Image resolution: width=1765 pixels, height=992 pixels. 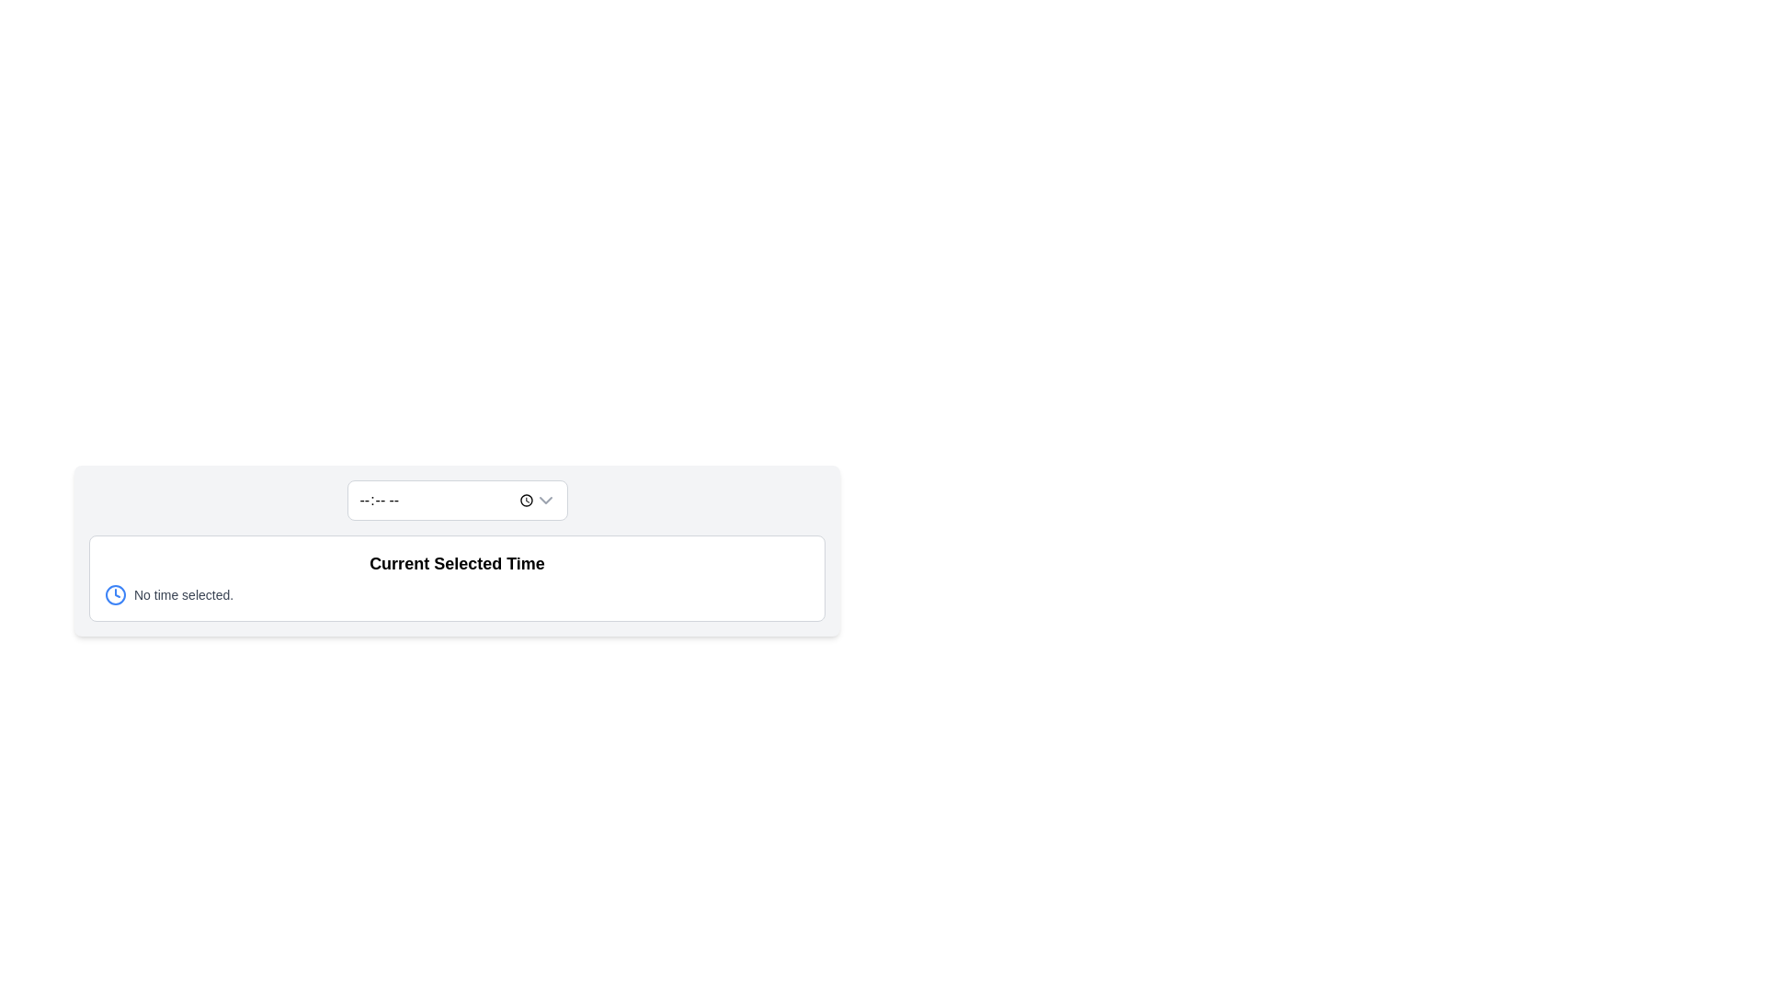 What do you see at coordinates (457, 550) in the screenshot?
I see `the Information display box that shows the currently selected time, located centrally below the dropdown selection box` at bounding box center [457, 550].